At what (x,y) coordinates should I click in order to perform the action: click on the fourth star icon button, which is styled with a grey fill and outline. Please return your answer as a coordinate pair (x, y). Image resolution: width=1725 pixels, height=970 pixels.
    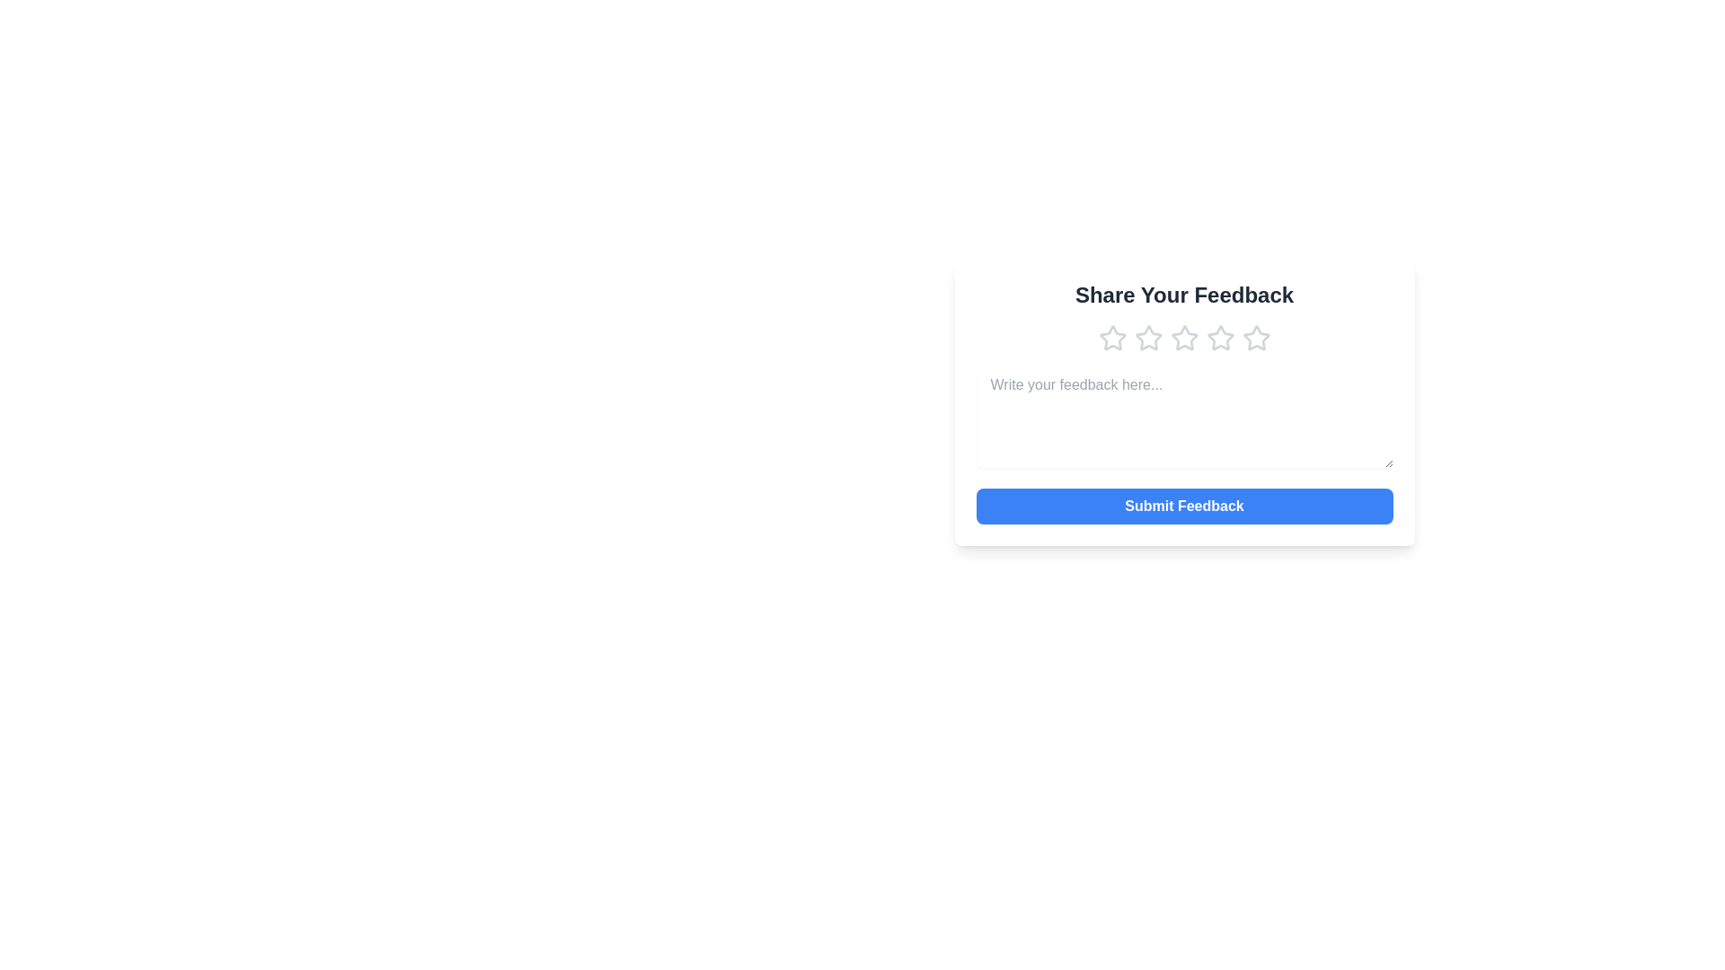
    Looking at the image, I should click on (1220, 339).